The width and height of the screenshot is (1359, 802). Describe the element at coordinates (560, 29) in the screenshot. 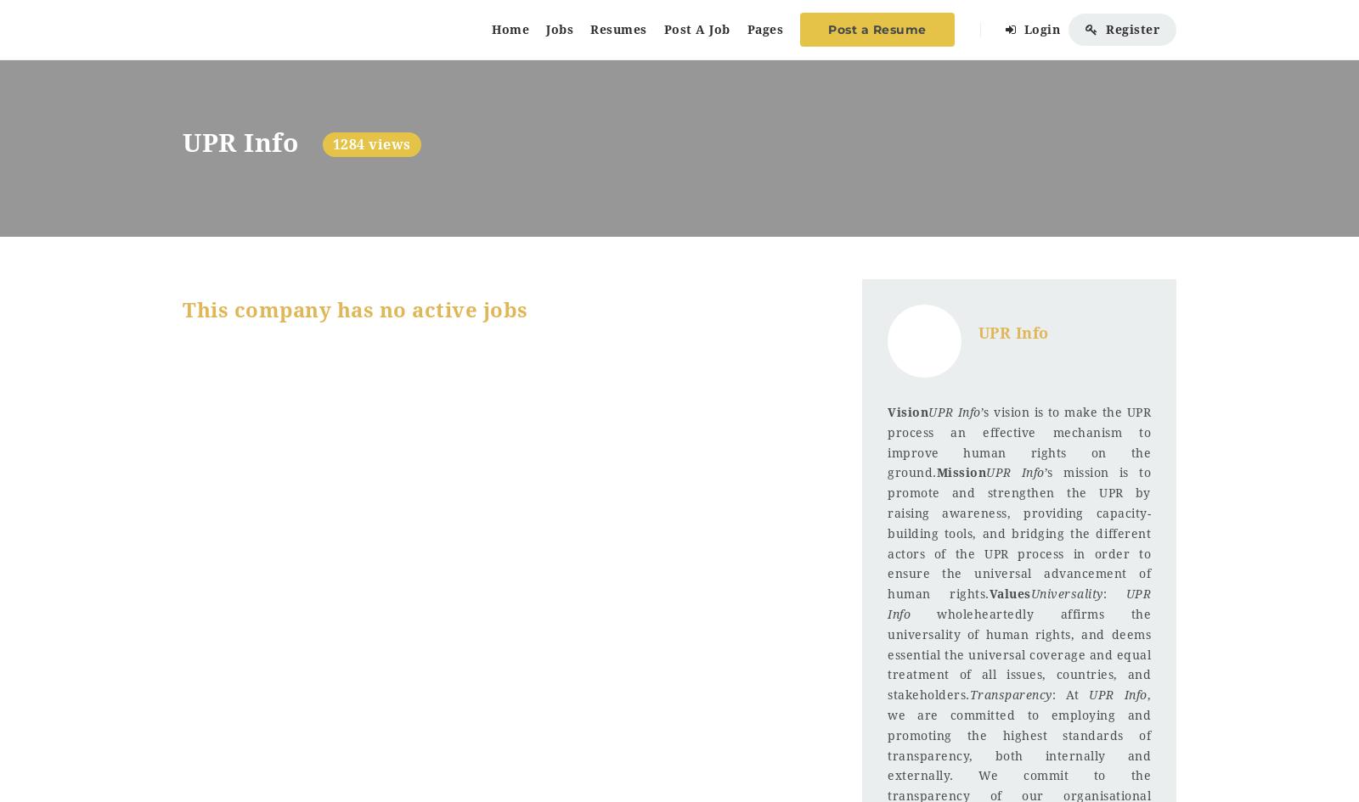

I see `'Jobs'` at that location.